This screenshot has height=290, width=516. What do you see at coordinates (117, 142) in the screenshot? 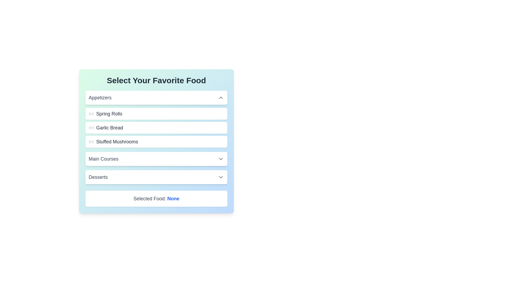
I see `the text label reading 'Stuffed Mushrooms' styled with a dark gray color and medium font weight, located in the third row under the 'Appetizers' section` at bounding box center [117, 142].